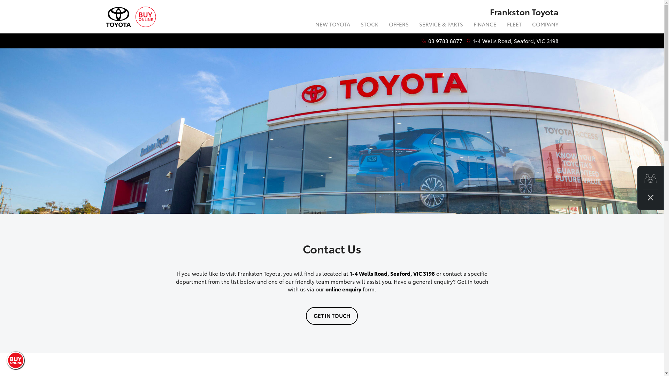 The image size is (669, 376). What do you see at coordinates (343, 289) in the screenshot?
I see `'online enquiry'` at bounding box center [343, 289].